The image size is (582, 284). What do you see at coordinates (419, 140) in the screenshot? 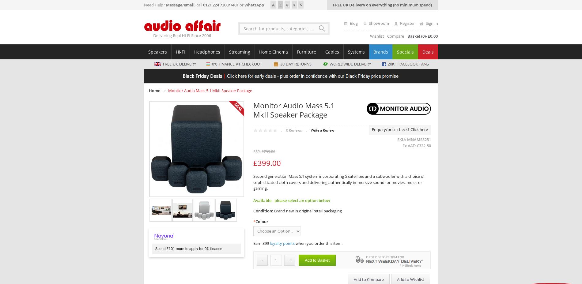
I see `'MNAMSS251'` at bounding box center [419, 140].